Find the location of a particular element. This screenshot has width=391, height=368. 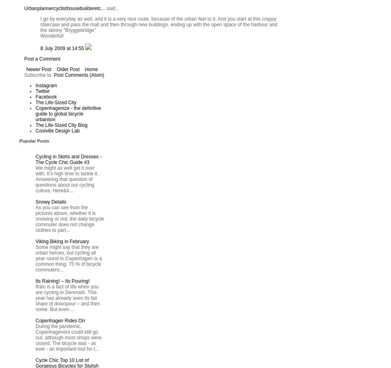

'Twitter' is located at coordinates (42, 91).